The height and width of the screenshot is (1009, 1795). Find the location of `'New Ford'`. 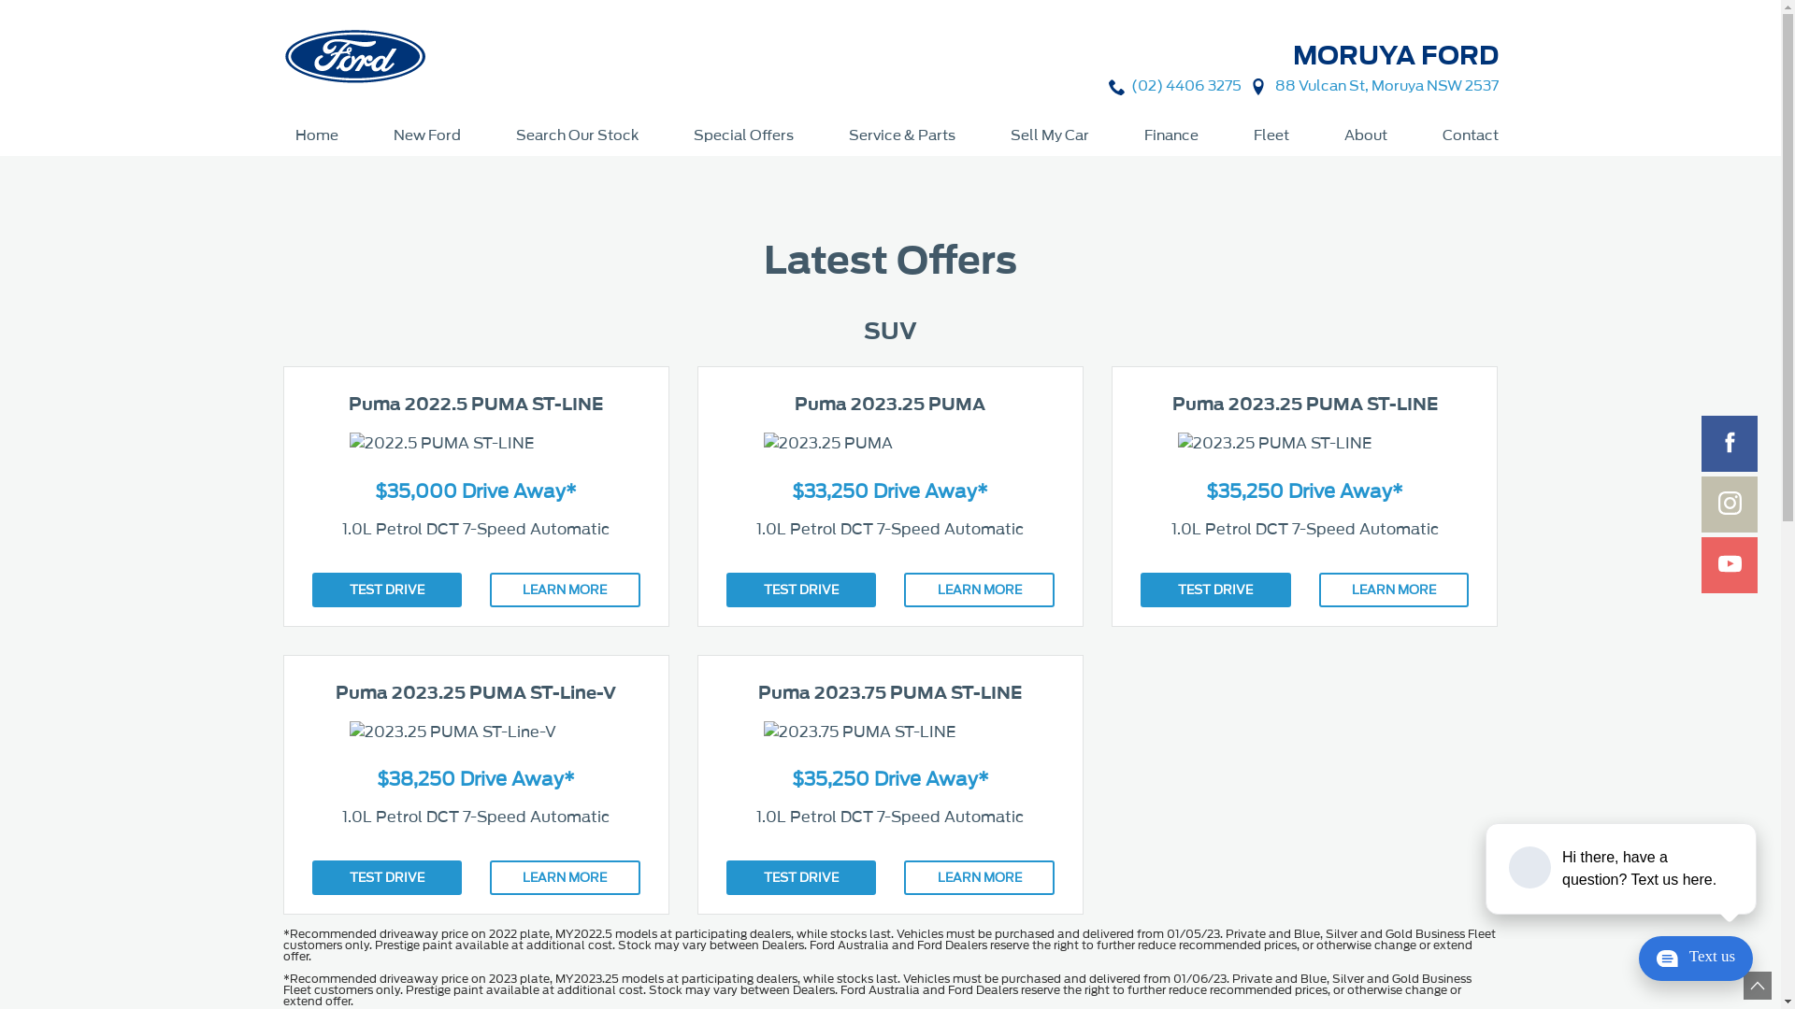

'New Ford' is located at coordinates (381, 135).